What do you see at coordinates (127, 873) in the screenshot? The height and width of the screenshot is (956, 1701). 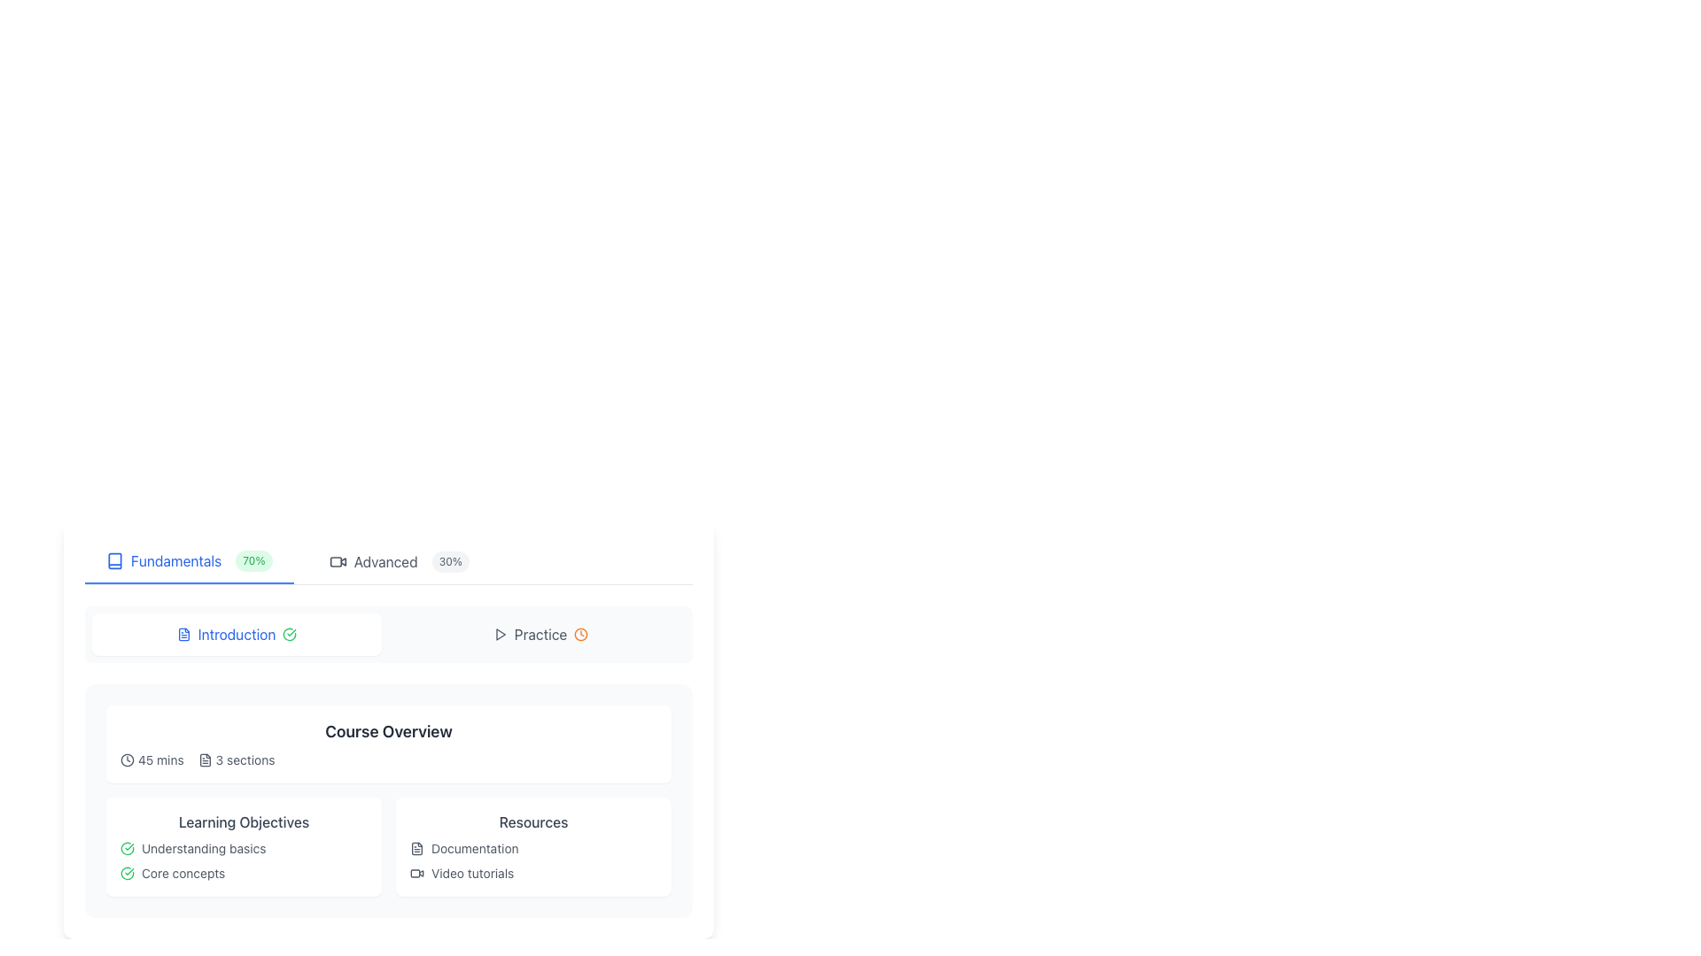 I see `the leftmost icon that indicates the completion status for 'Core concepts.'` at bounding box center [127, 873].